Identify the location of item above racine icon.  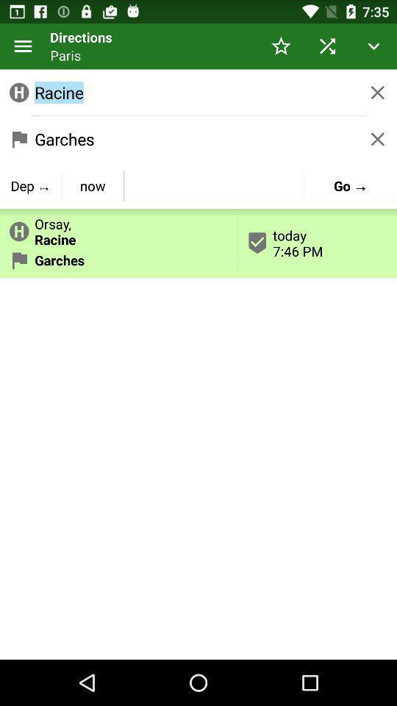
(327, 46).